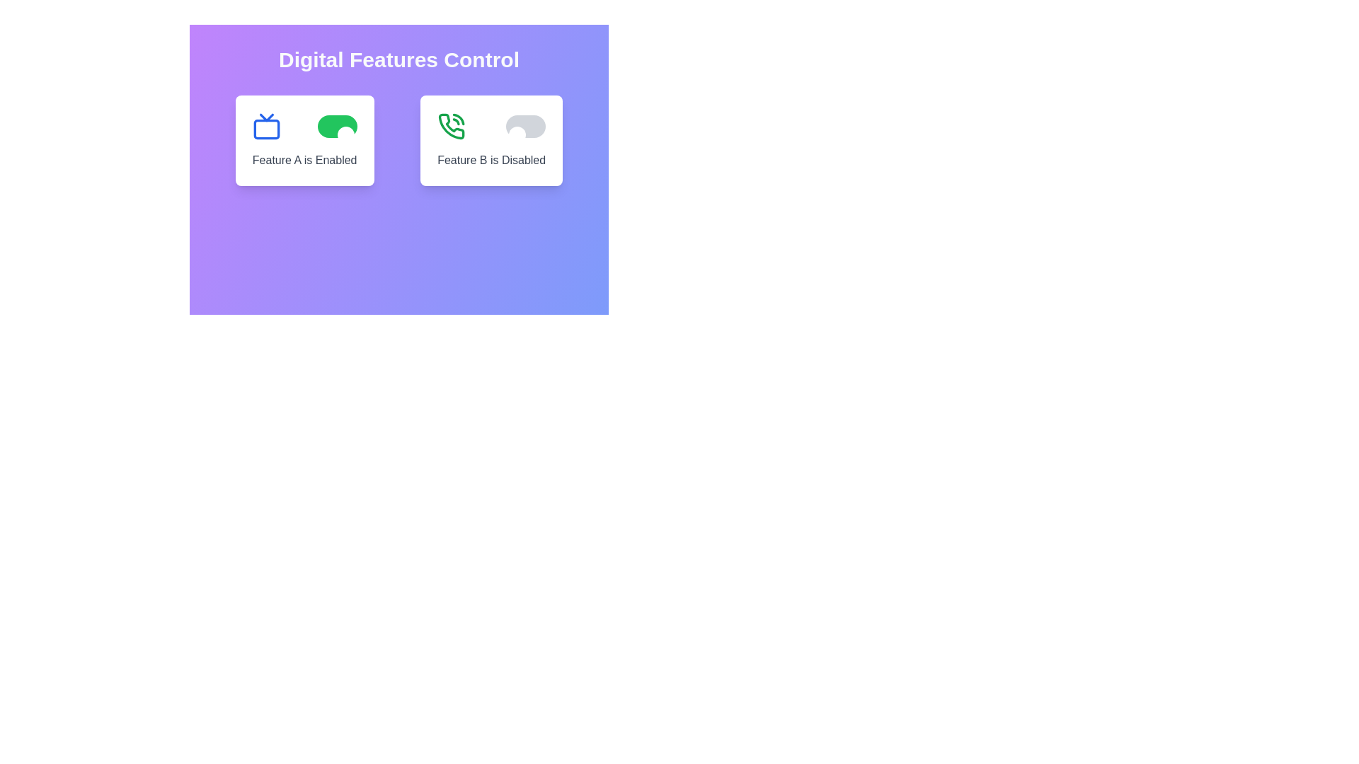 This screenshot has width=1359, height=764. I want to click on the decorative part of the television icon located at the top of the left card component, so click(266, 117).